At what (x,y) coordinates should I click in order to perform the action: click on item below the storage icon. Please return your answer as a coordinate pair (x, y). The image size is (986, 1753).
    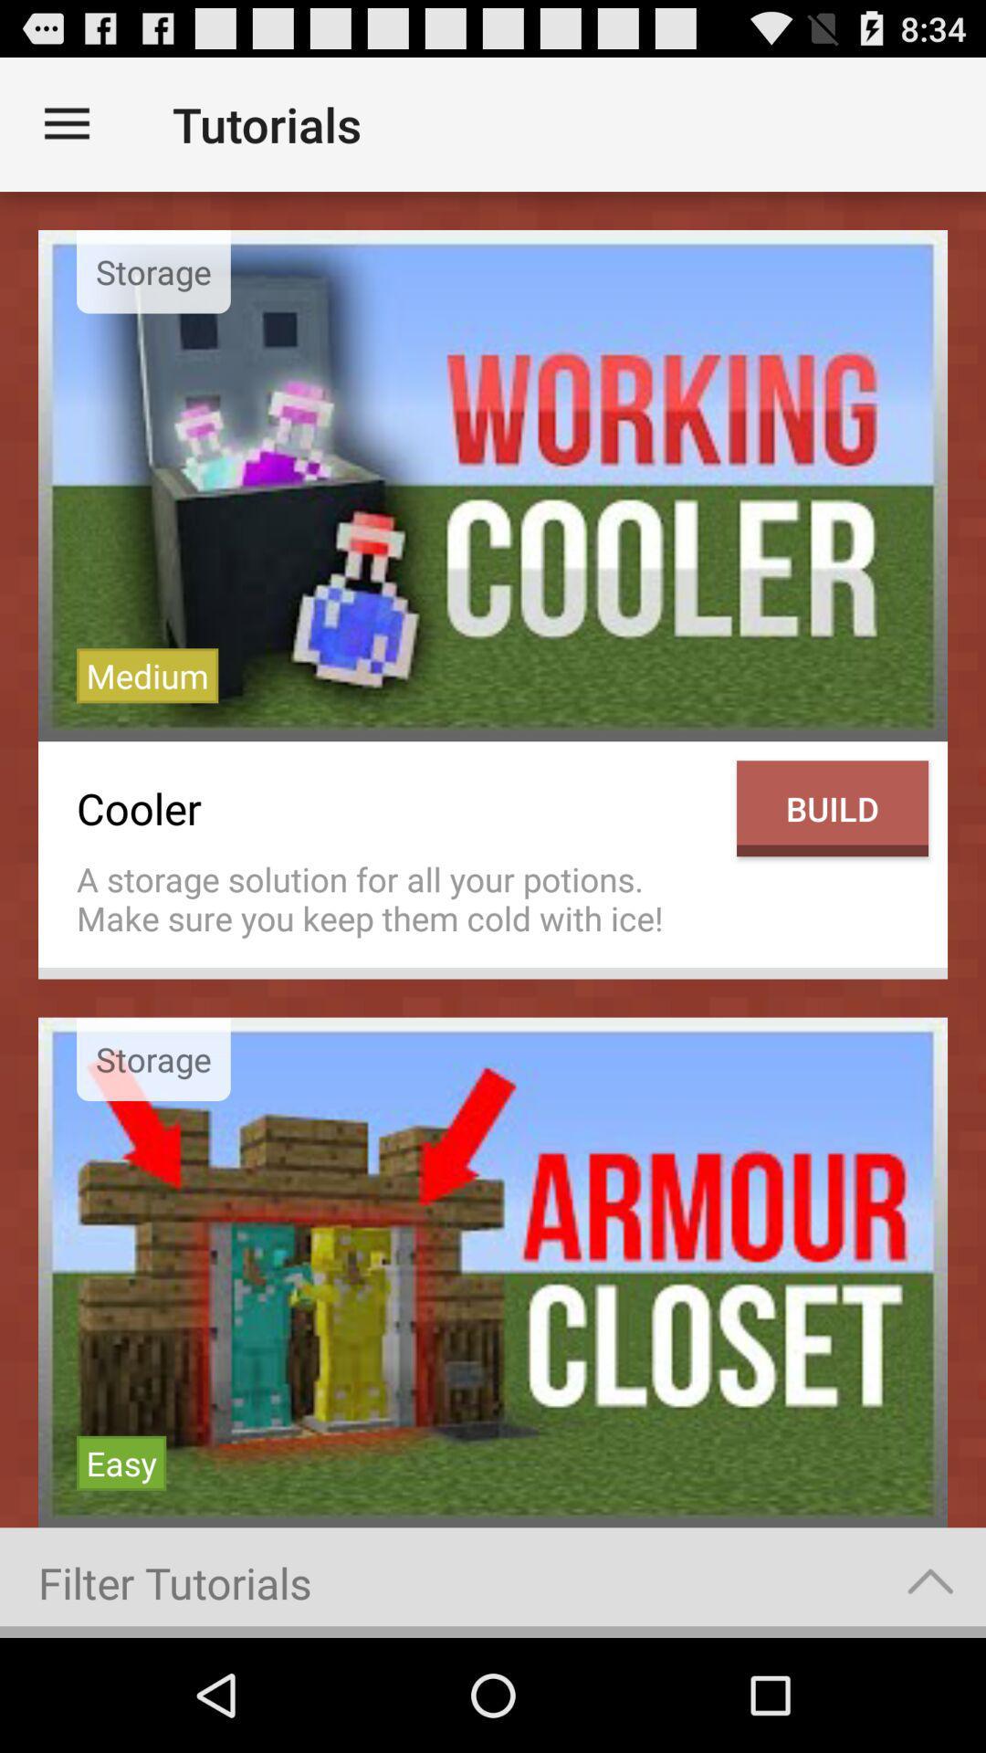
    Looking at the image, I should click on (146, 675).